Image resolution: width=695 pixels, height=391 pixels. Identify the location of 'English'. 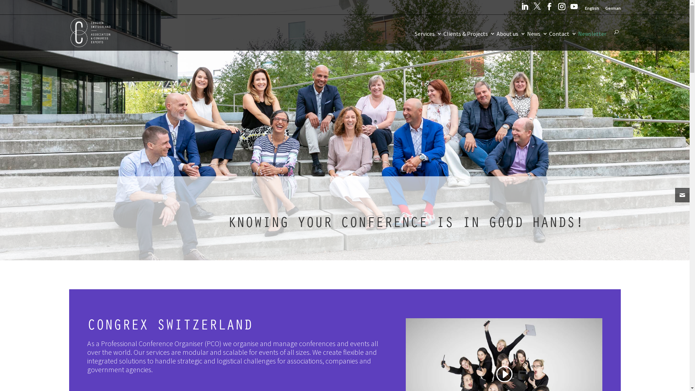
(592, 10).